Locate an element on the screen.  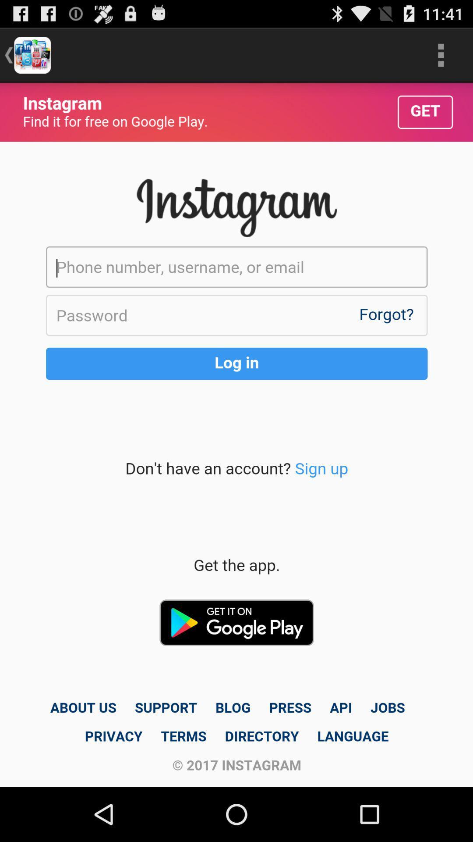
personal info is located at coordinates (236, 435).